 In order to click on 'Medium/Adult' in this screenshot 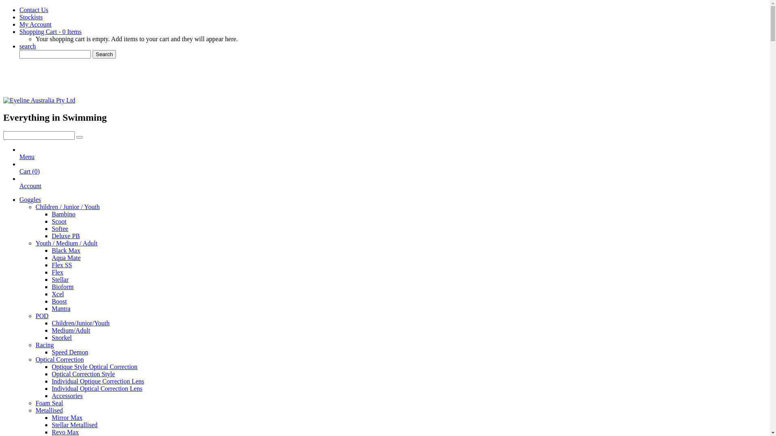, I will do `click(71, 330)`.